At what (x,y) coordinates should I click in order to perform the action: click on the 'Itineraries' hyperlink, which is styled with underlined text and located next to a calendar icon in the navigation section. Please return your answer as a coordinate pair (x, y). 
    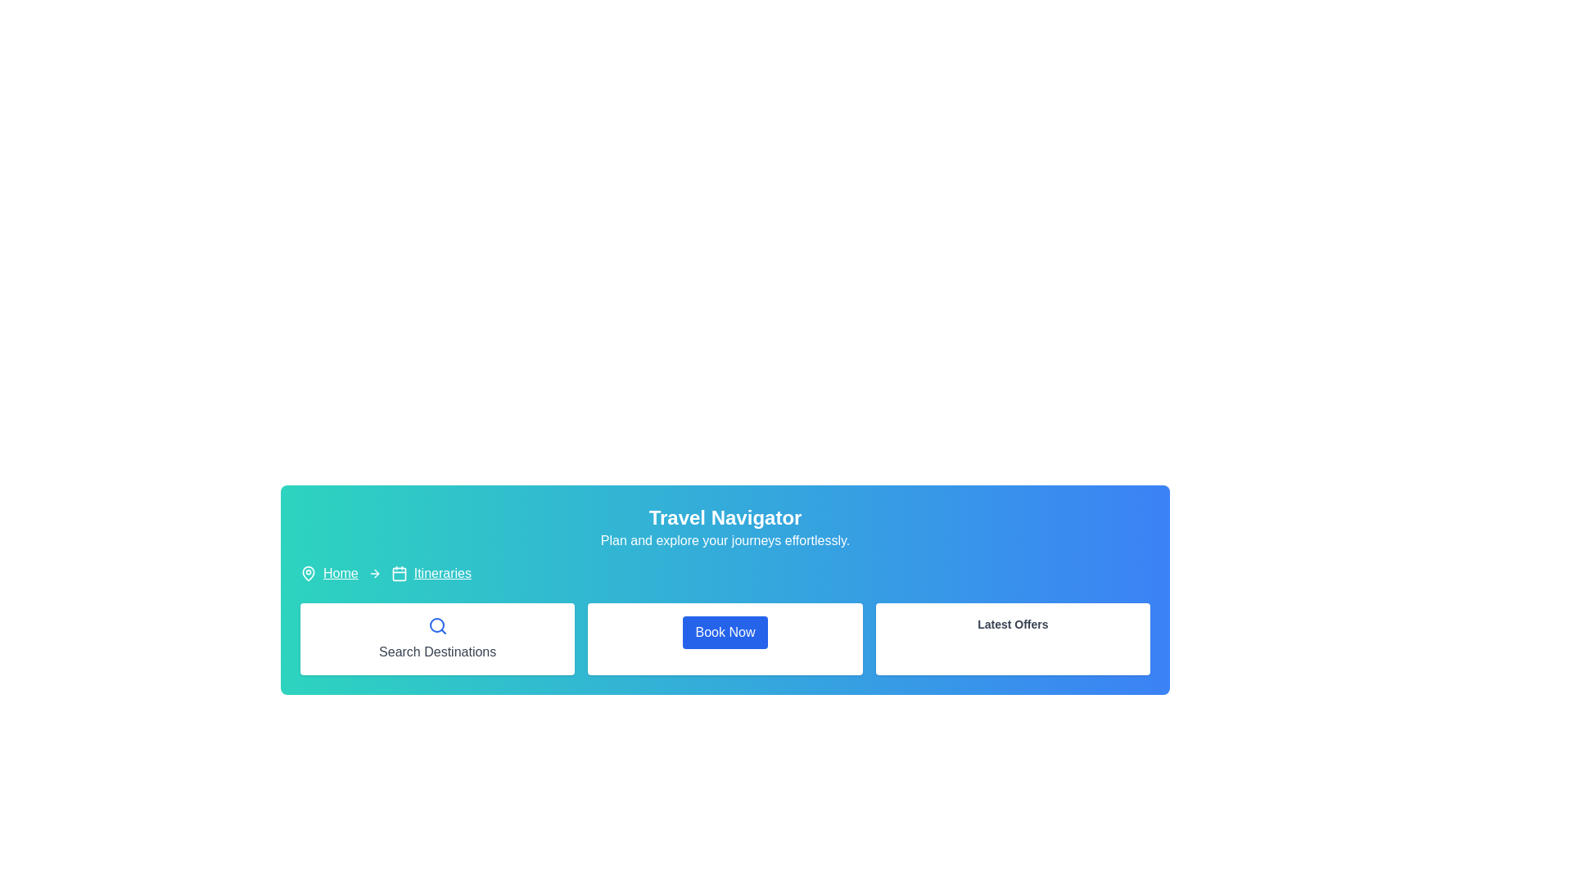
    Looking at the image, I should click on (442, 573).